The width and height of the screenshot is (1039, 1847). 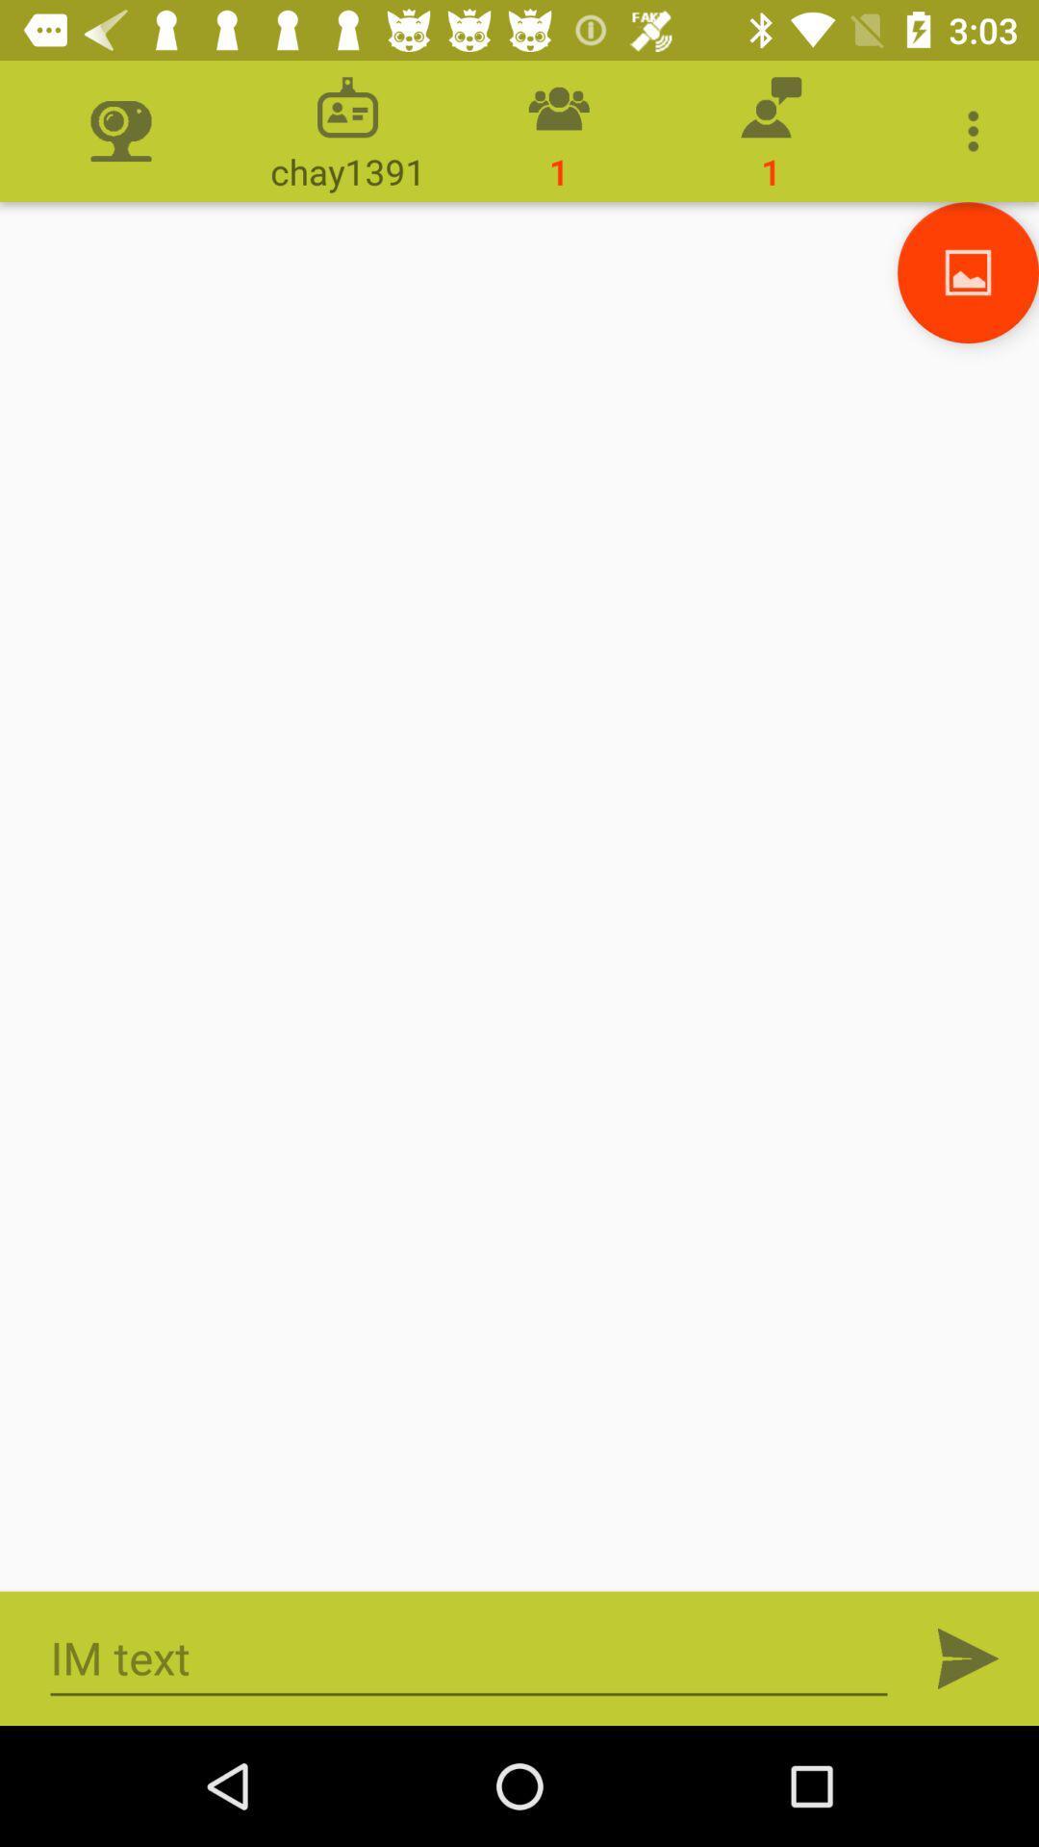 I want to click on im, so click(x=469, y=1657).